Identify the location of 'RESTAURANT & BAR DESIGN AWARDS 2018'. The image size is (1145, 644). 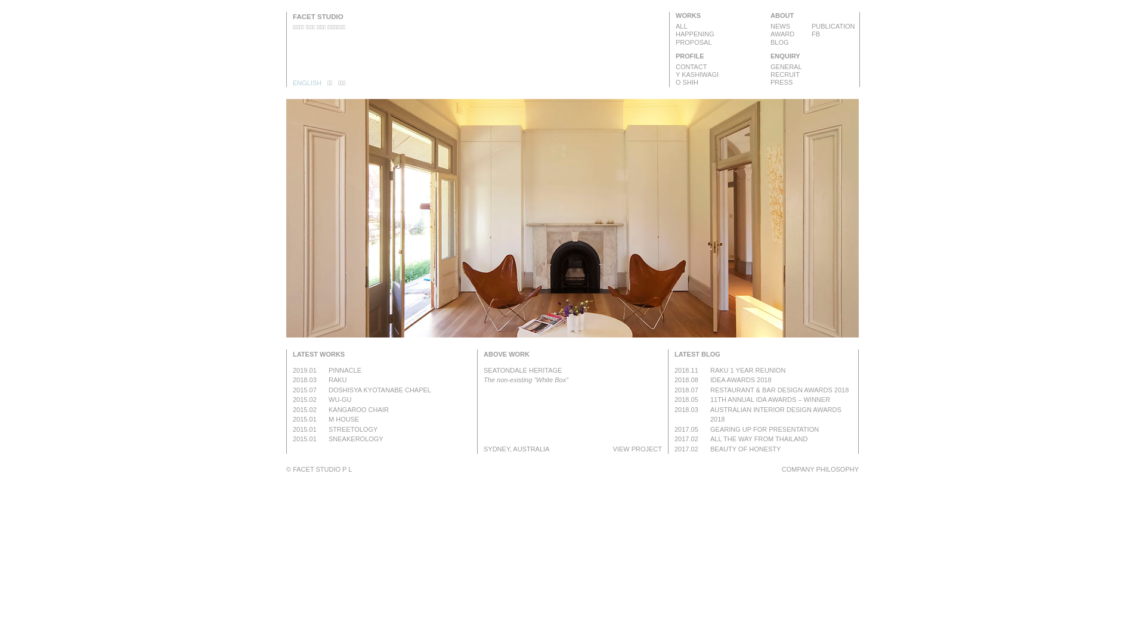
(781, 390).